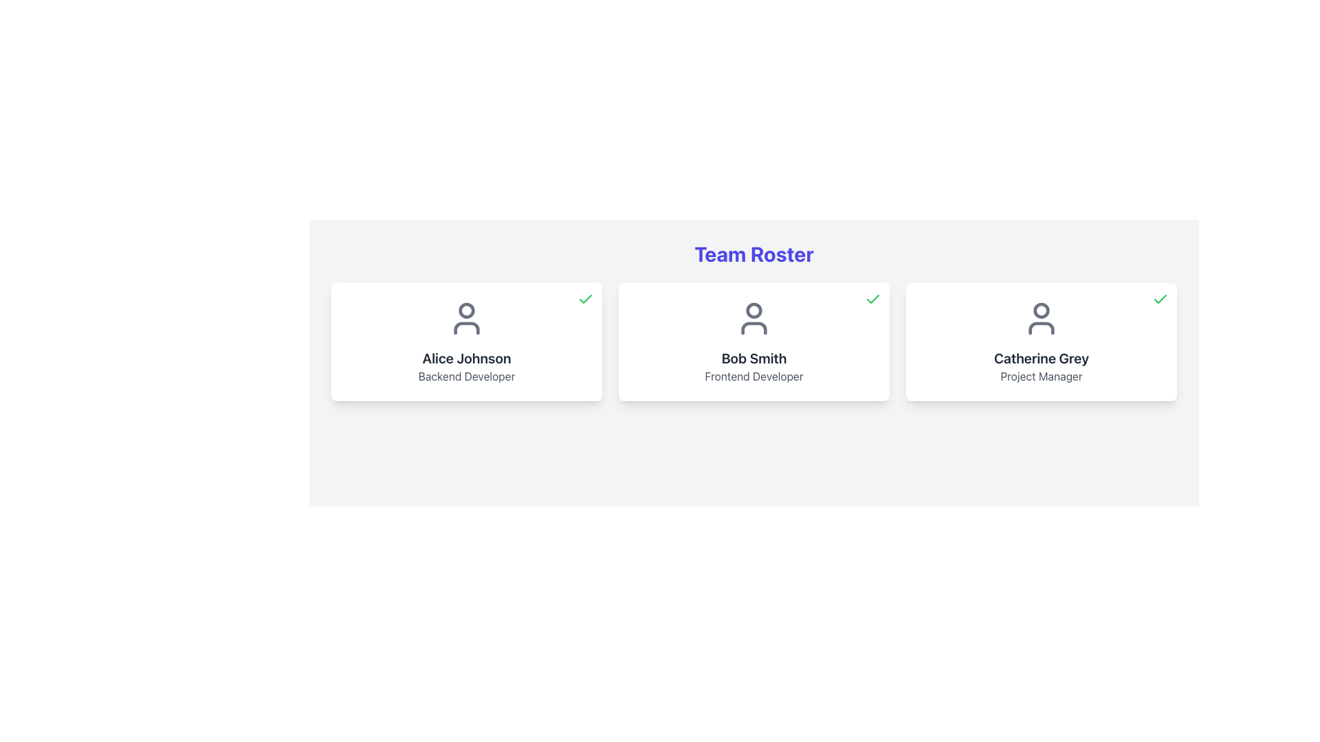 The image size is (1320, 742). I want to click on the small green checkmark icon located in the top-right corner of the card labeled 'Alice Johnson' with the subtitle 'Backend Developer', so click(585, 298).